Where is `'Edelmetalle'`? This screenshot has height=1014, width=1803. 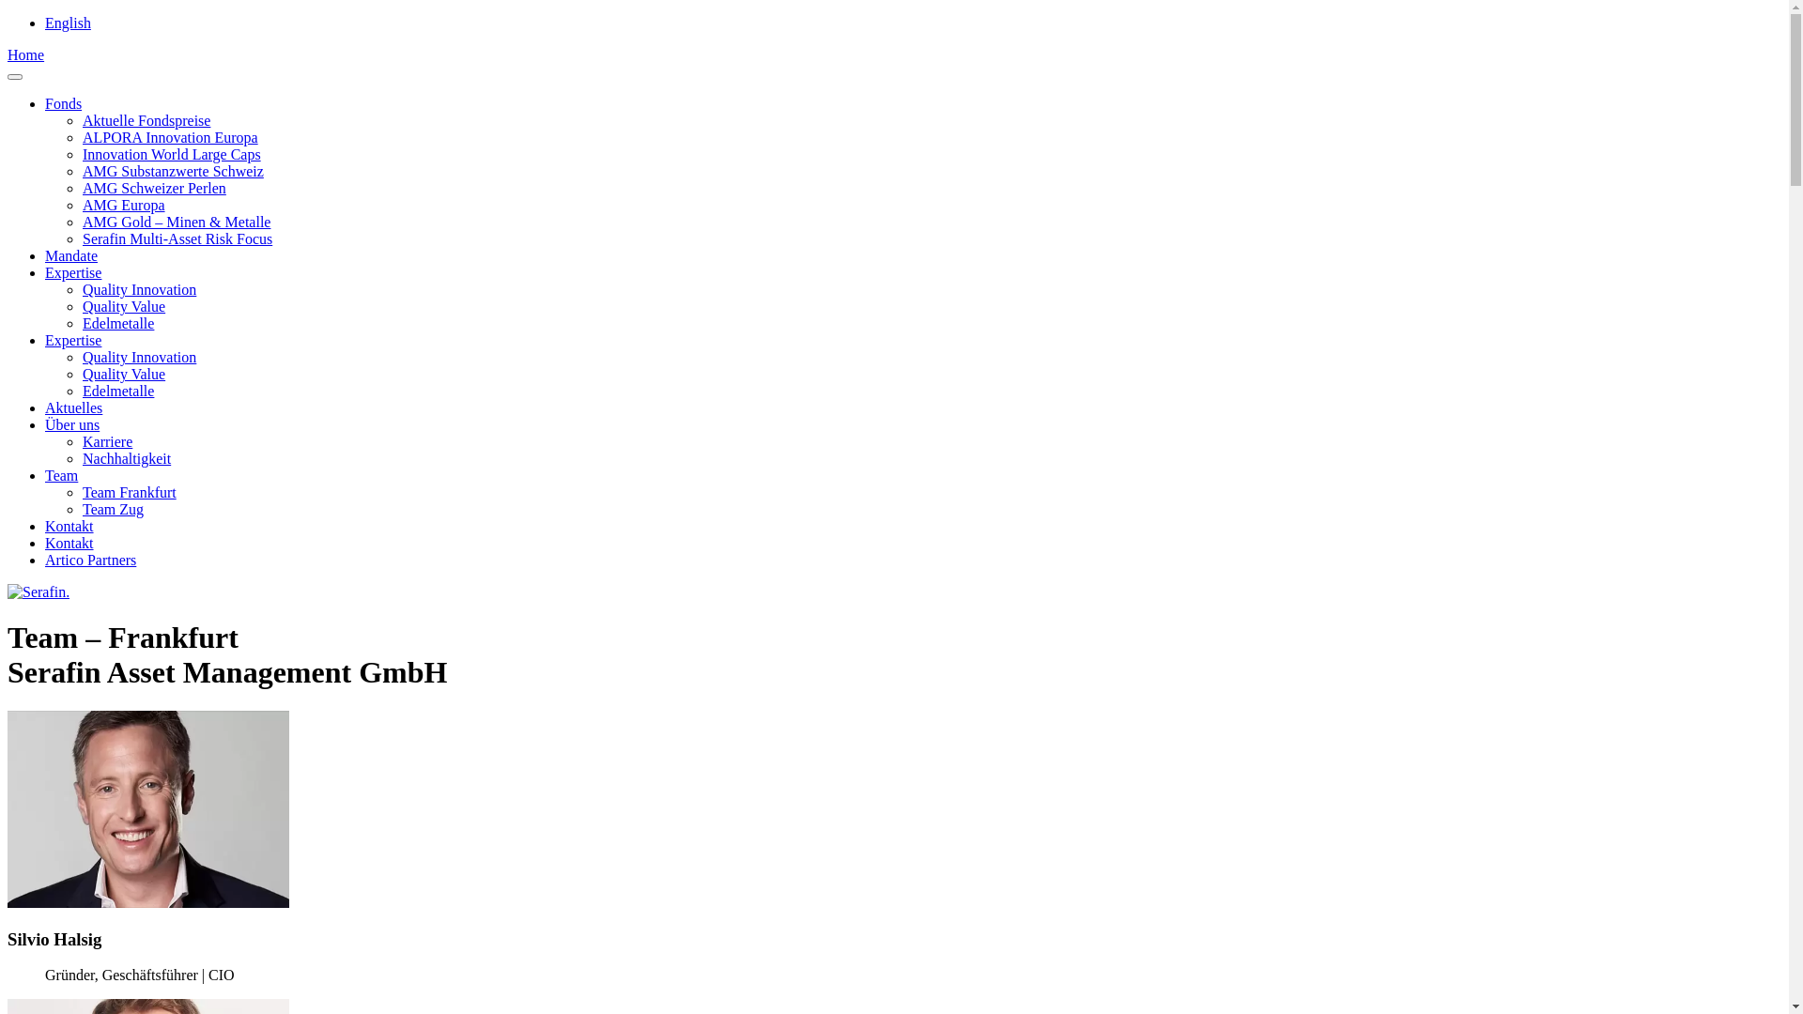 'Edelmetalle' is located at coordinates (116, 390).